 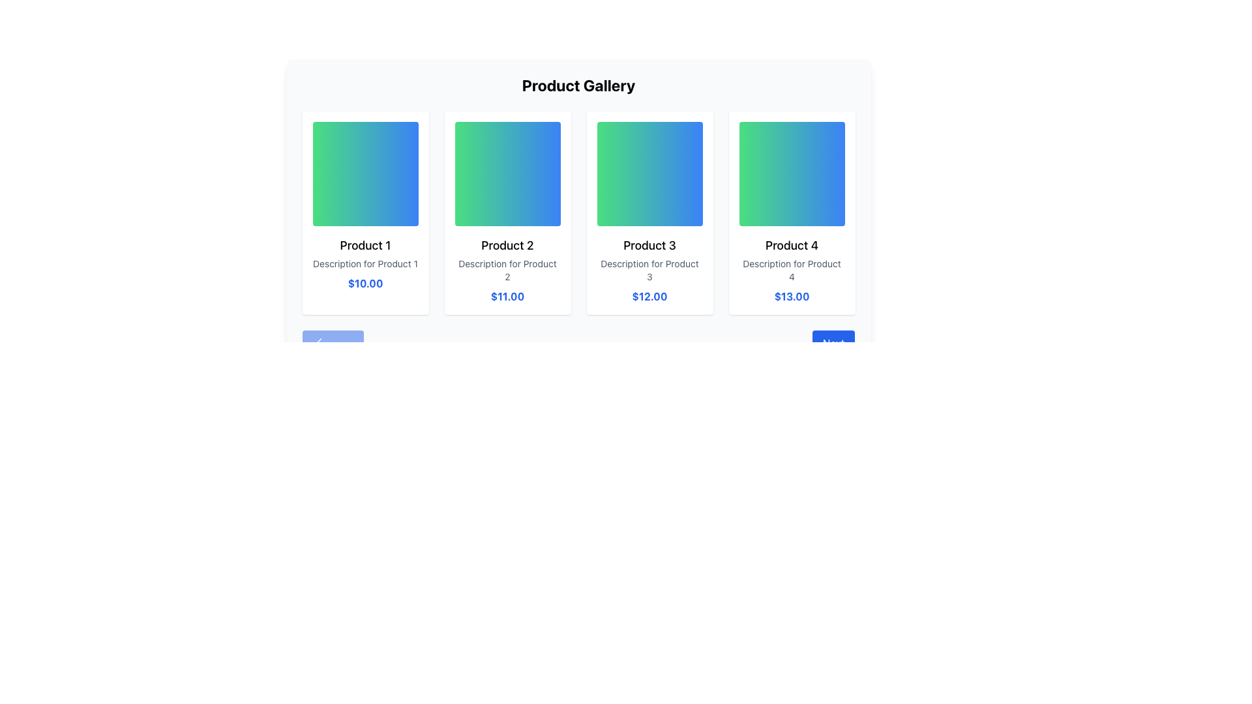 I want to click on text label that displays 'Description for Product 4', which is located in the fourth card of the product gallery, directly below the title 'Product 4', so click(x=791, y=270).